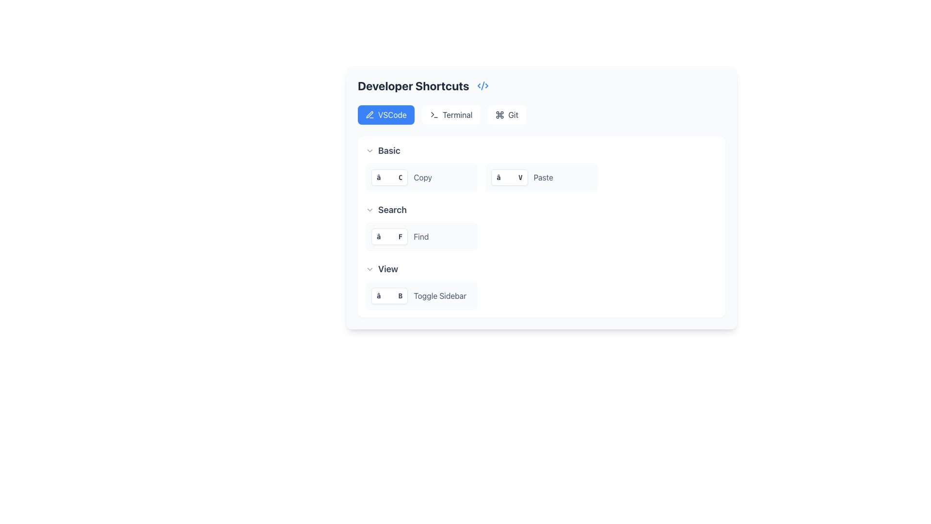 The height and width of the screenshot is (524, 931). Describe the element at coordinates (433, 114) in the screenshot. I see `the 'Terminal' button icon, which represents command line operations, located among the primary navigation options` at that location.